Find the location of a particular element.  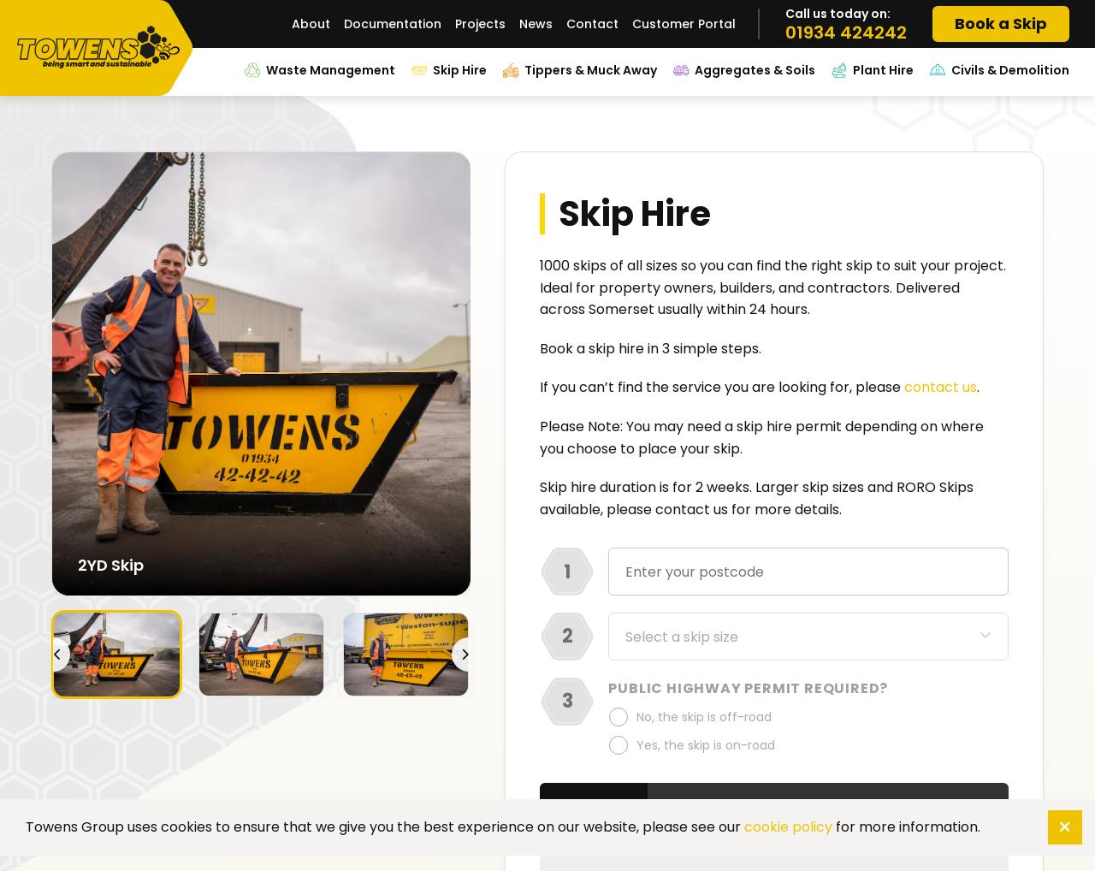

'PUBLIC HIGHWAY PERMIT REQUIRED?' is located at coordinates (748, 687).